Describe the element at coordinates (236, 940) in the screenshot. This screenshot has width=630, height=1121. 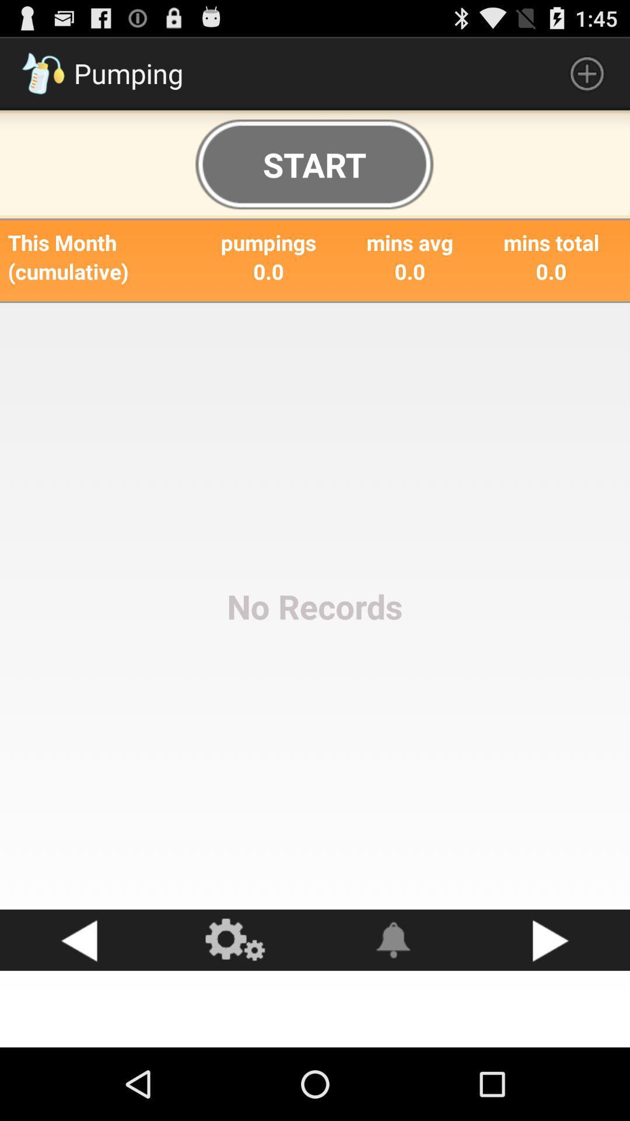
I see `settings` at that location.